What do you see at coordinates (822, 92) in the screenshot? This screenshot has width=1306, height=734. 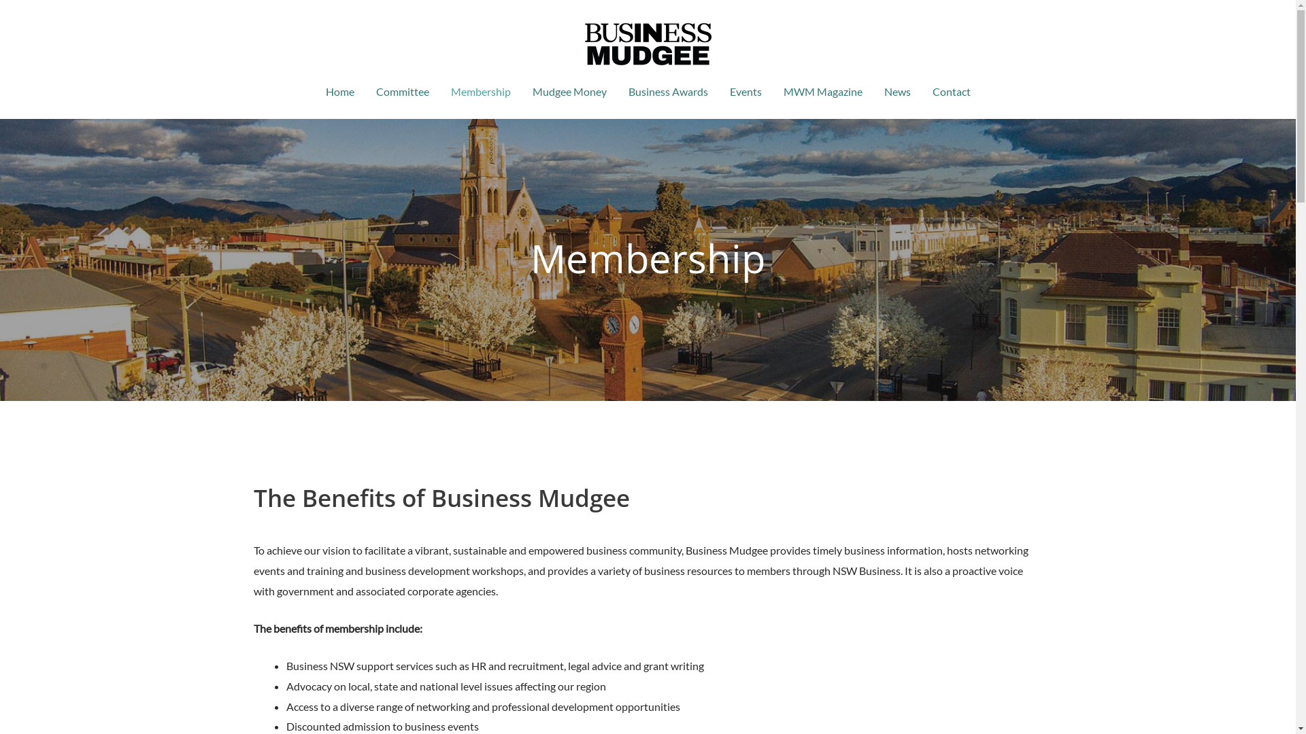 I see `'MWM Magazine'` at bounding box center [822, 92].